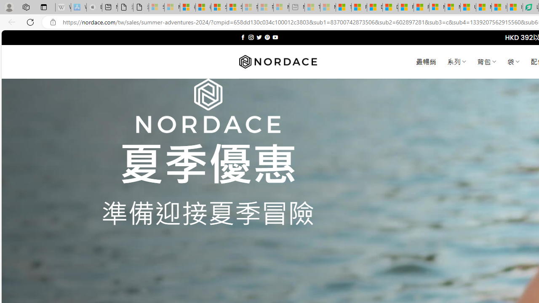  What do you see at coordinates (157, 7) in the screenshot?
I see `'Sign in to your Microsoft account - Sleeping'` at bounding box center [157, 7].